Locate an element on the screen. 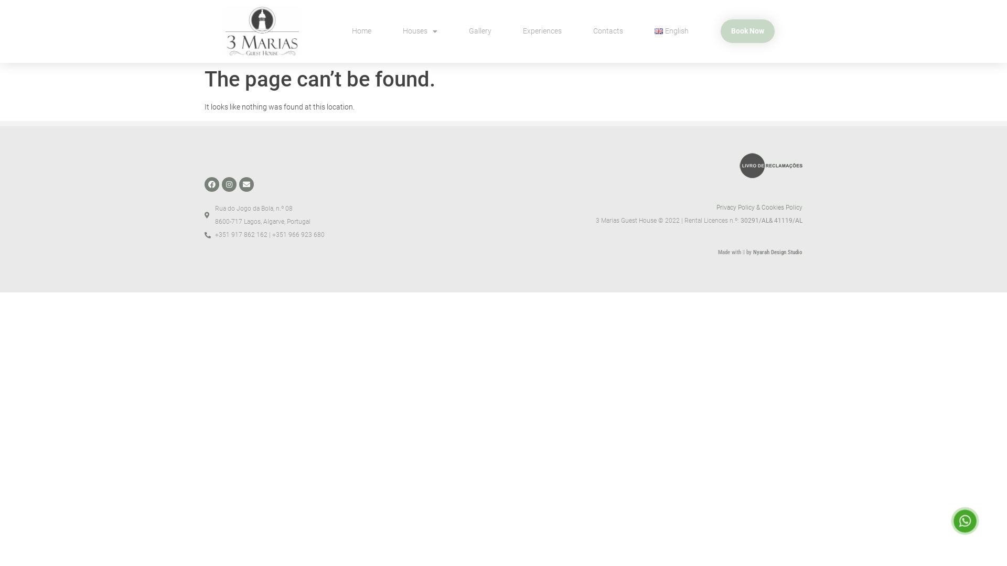  'Experiences' is located at coordinates (542, 30).